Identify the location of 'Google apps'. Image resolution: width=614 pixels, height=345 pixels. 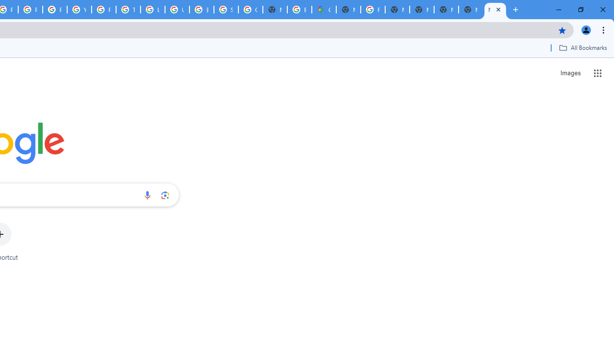
(597, 73).